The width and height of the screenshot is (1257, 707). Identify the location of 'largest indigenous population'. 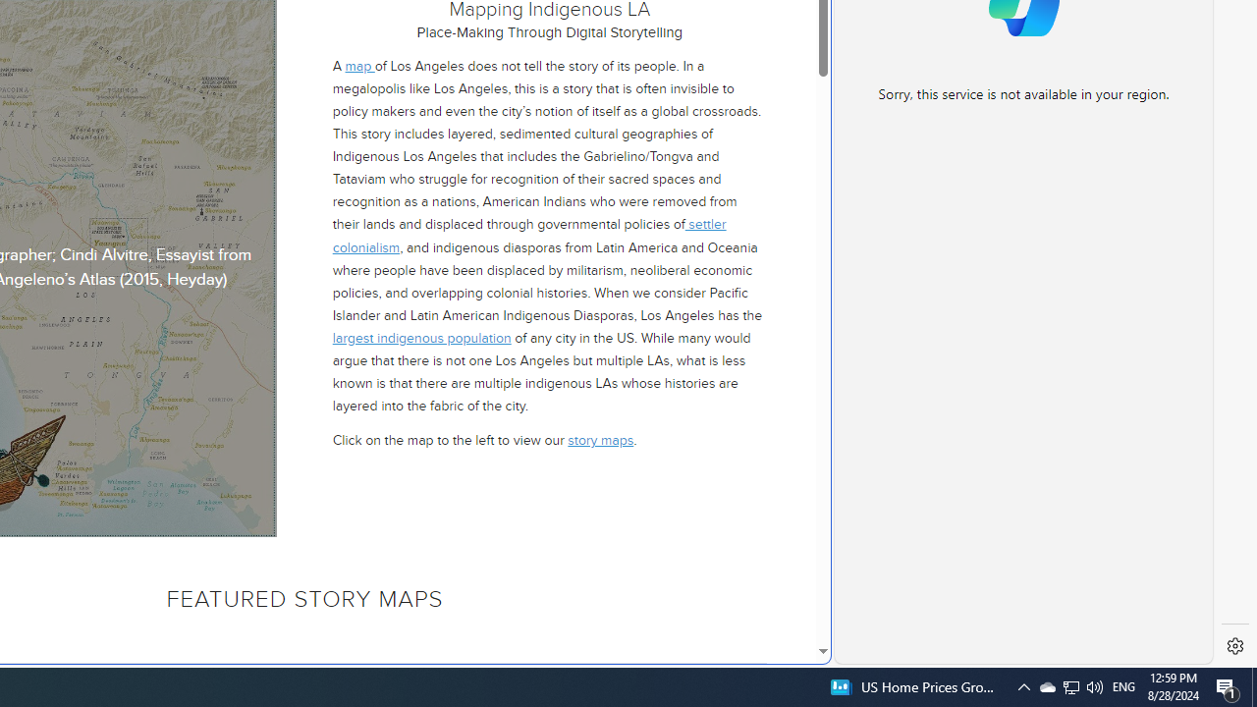
(420, 337).